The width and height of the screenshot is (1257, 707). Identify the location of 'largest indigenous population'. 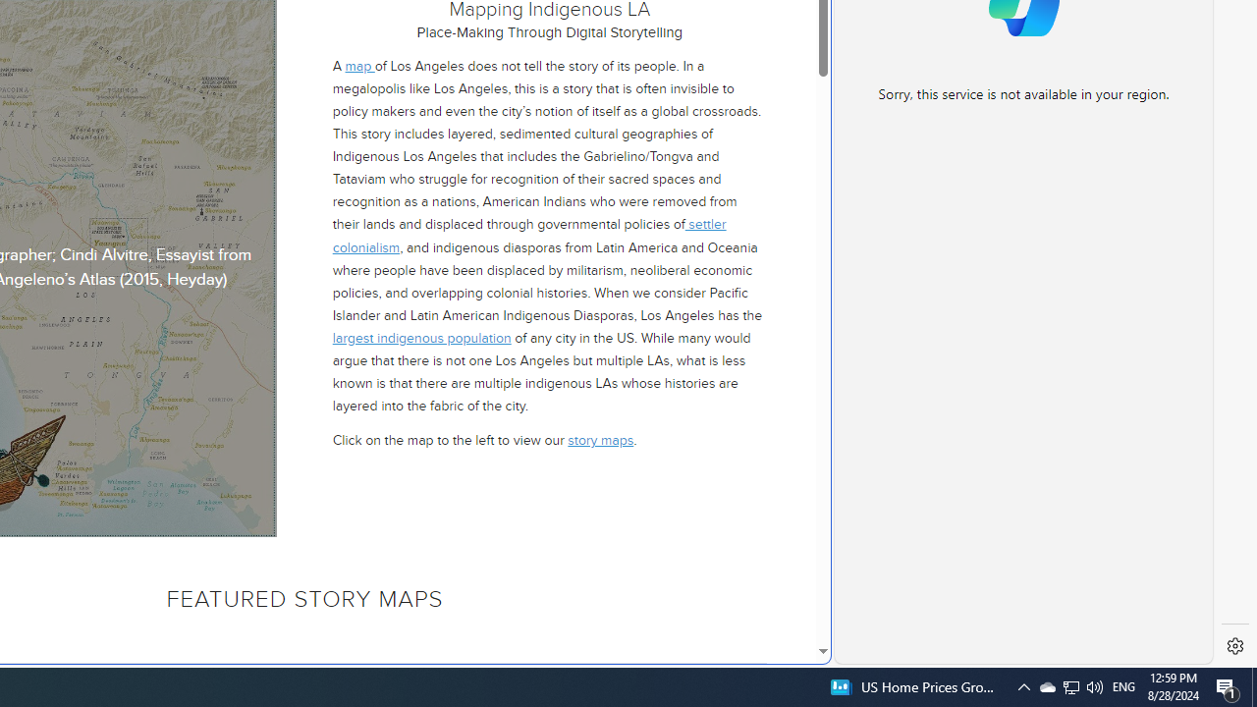
(420, 337).